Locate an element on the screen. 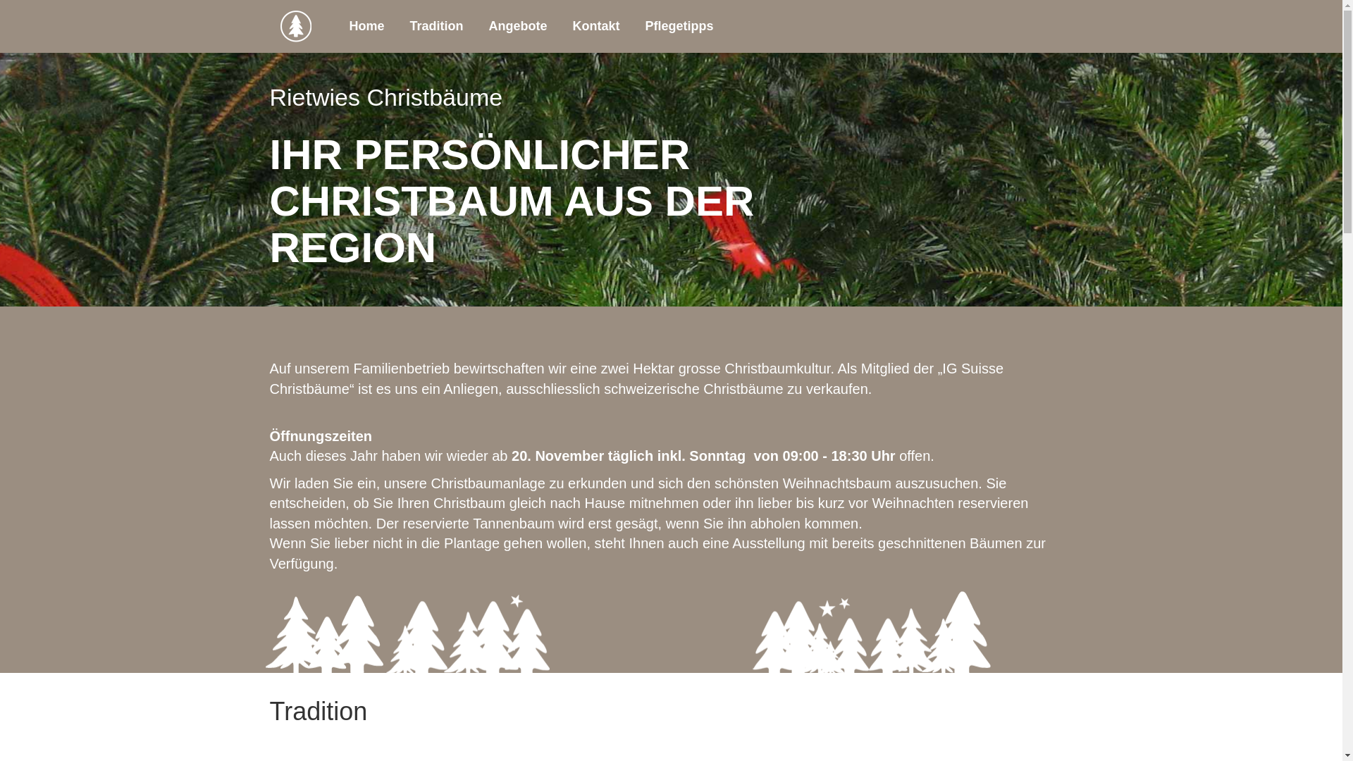  'Tradition' is located at coordinates (435, 26).